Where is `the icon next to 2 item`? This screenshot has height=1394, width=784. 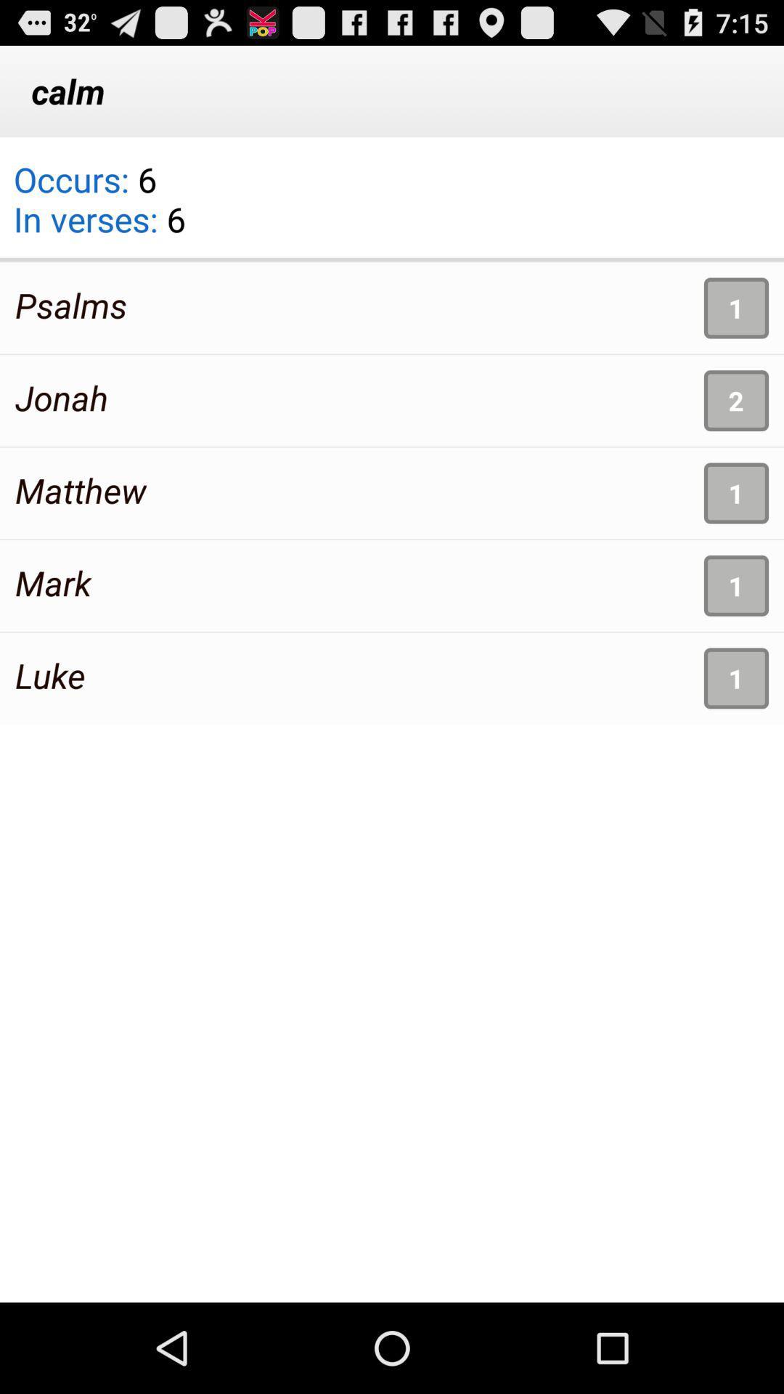 the icon next to 2 item is located at coordinates (61, 397).